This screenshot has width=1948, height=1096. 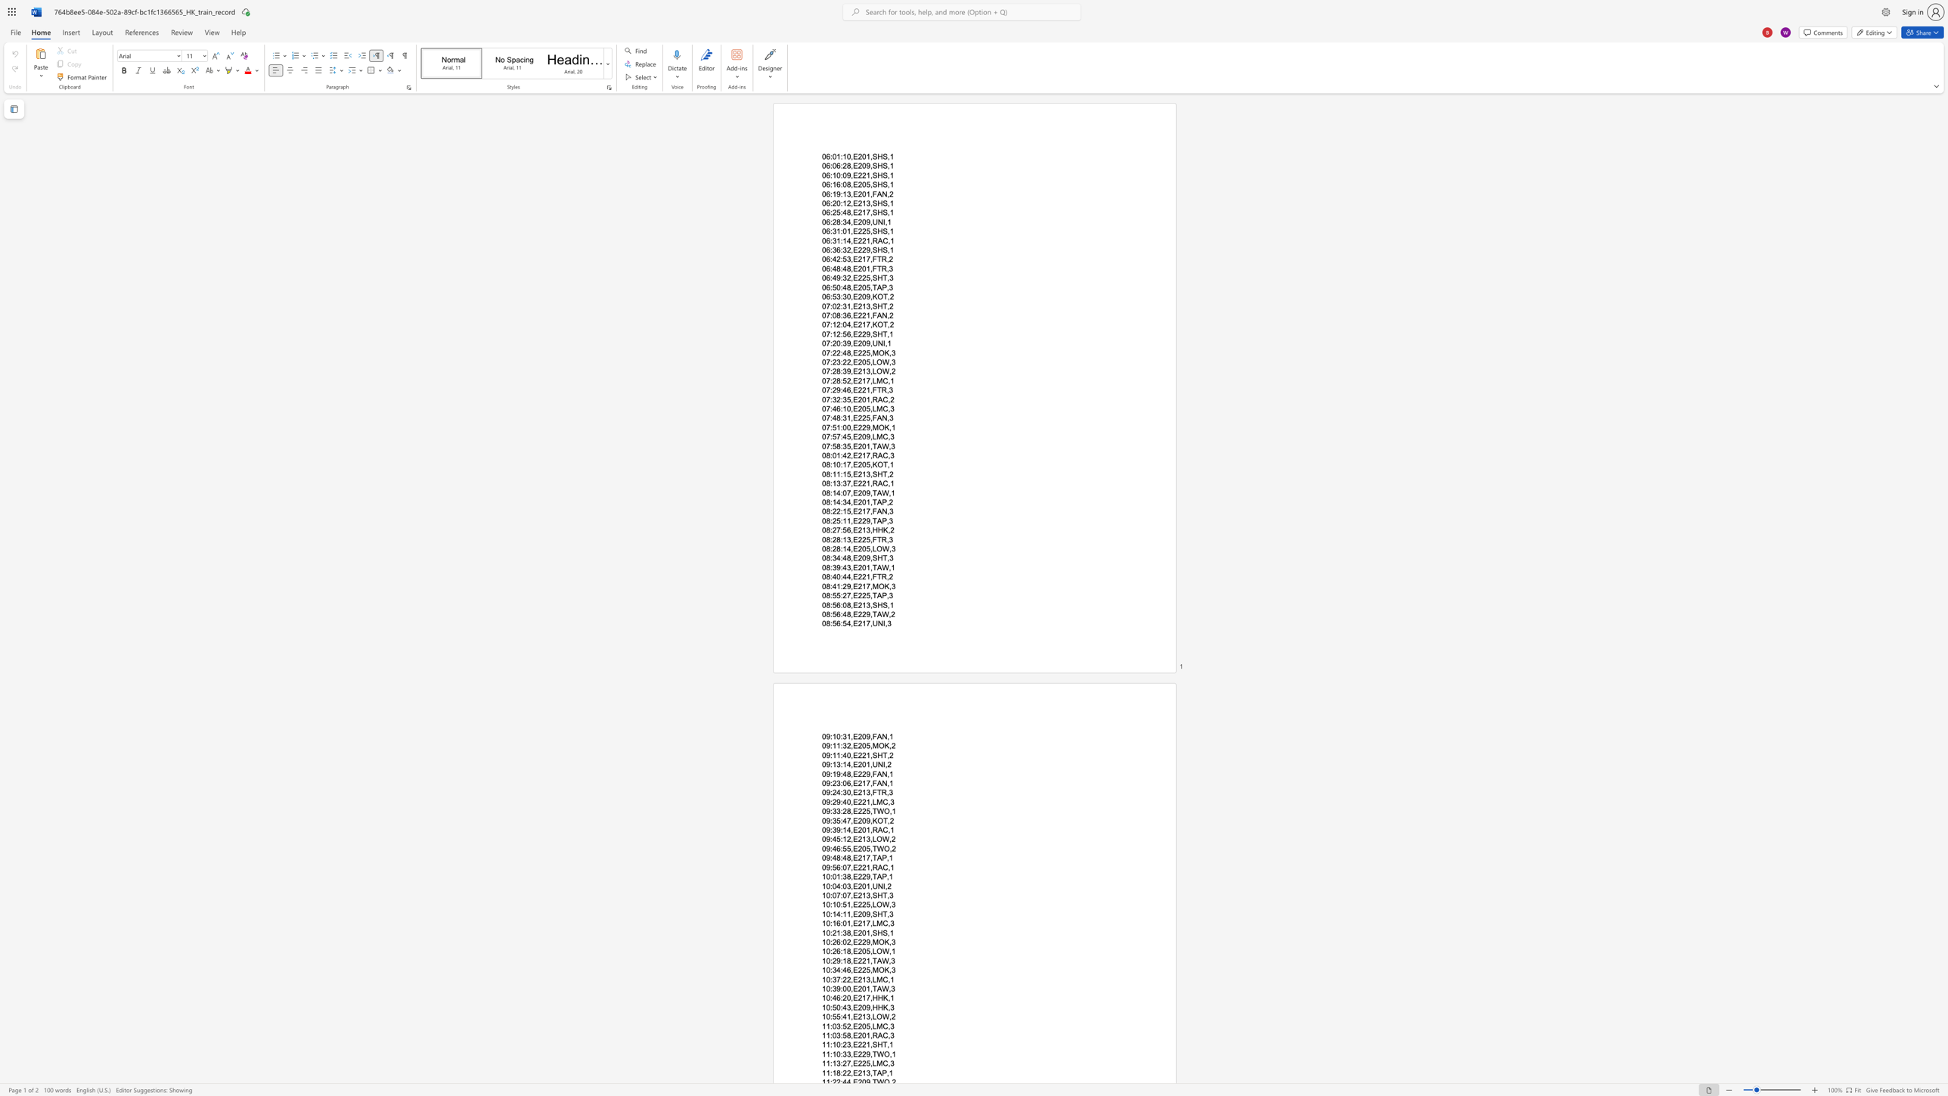 I want to click on the space between the continuous character "9" and ":" in the text, so click(x=829, y=811).